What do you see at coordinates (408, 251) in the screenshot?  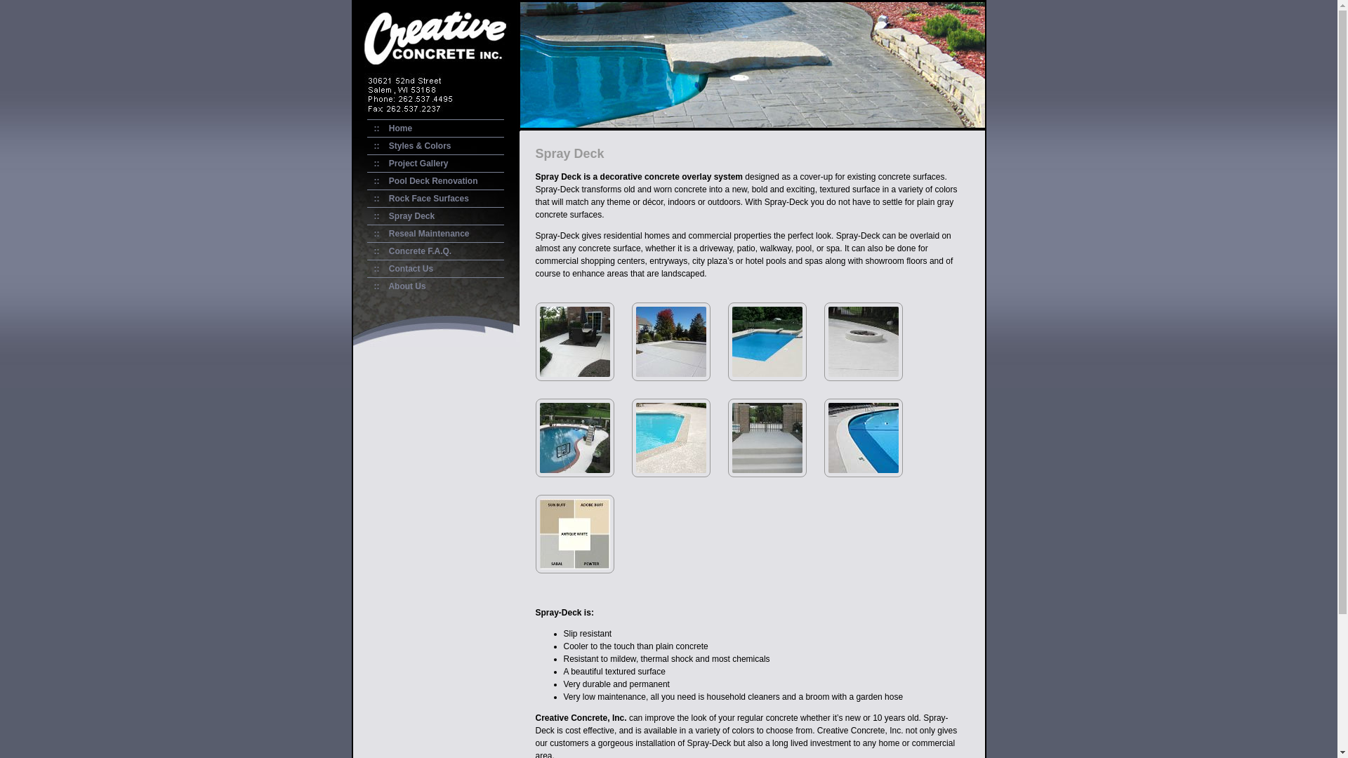 I see `'::    Concrete F.A.Q.'` at bounding box center [408, 251].